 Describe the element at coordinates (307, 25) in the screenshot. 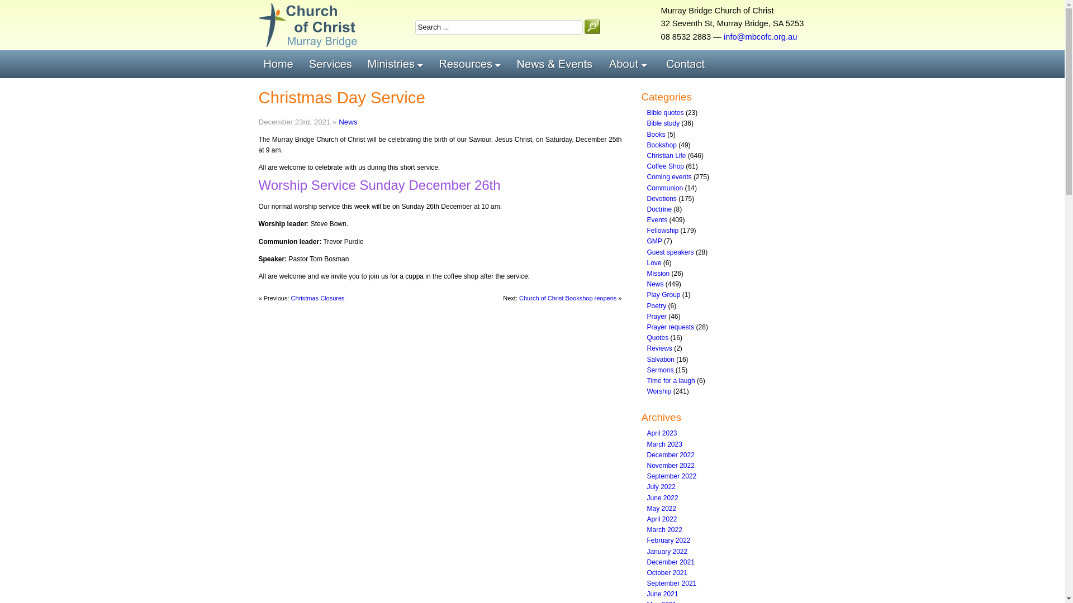

I see `'Murray Bridge Church of Christ'` at that location.